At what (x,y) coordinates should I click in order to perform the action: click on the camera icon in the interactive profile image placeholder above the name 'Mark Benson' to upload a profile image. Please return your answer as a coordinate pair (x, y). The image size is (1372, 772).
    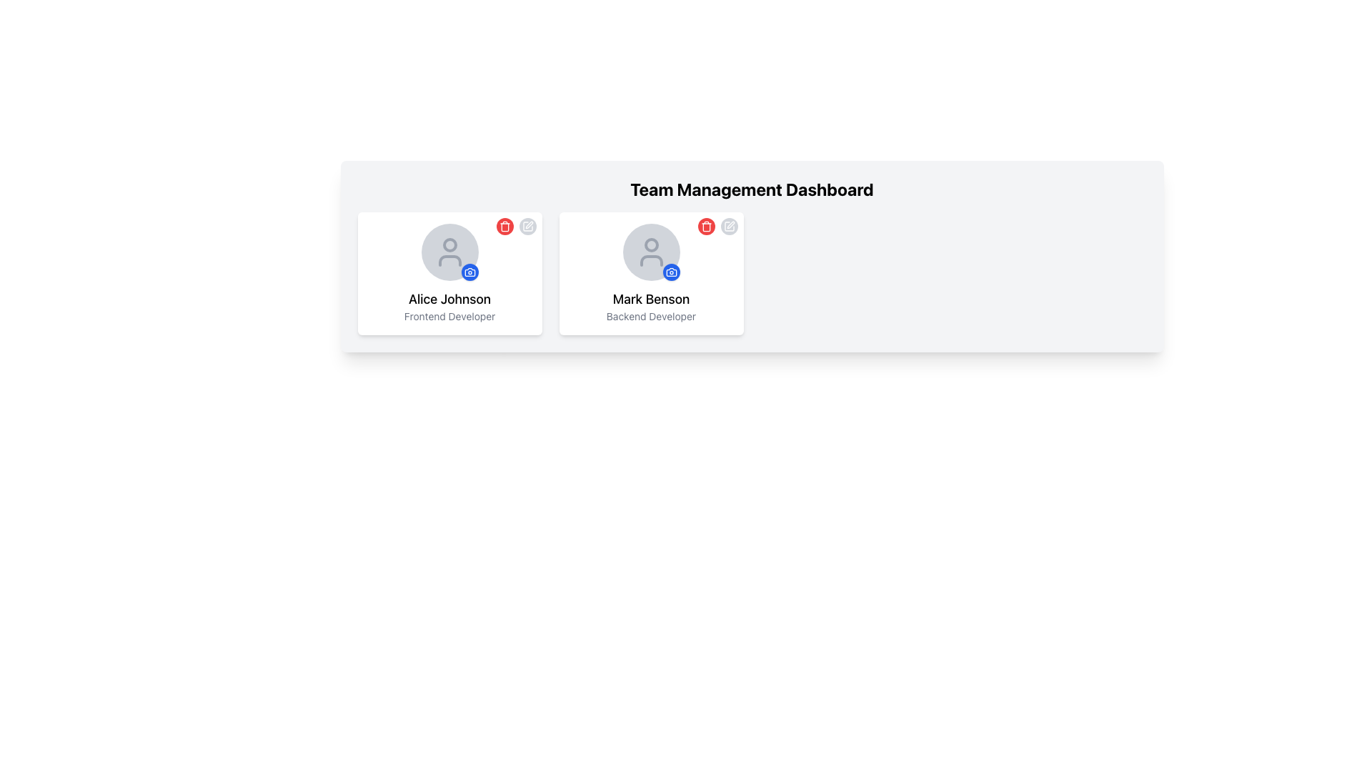
    Looking at the image, I should click on (650, 252).